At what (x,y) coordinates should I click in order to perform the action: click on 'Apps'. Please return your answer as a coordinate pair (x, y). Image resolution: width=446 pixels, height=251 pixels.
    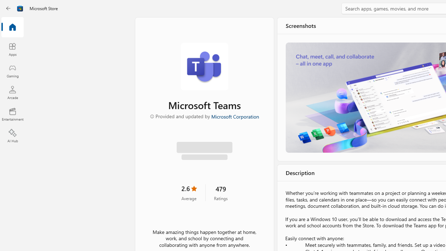
    Looking at the image, I should click on (12, 49).